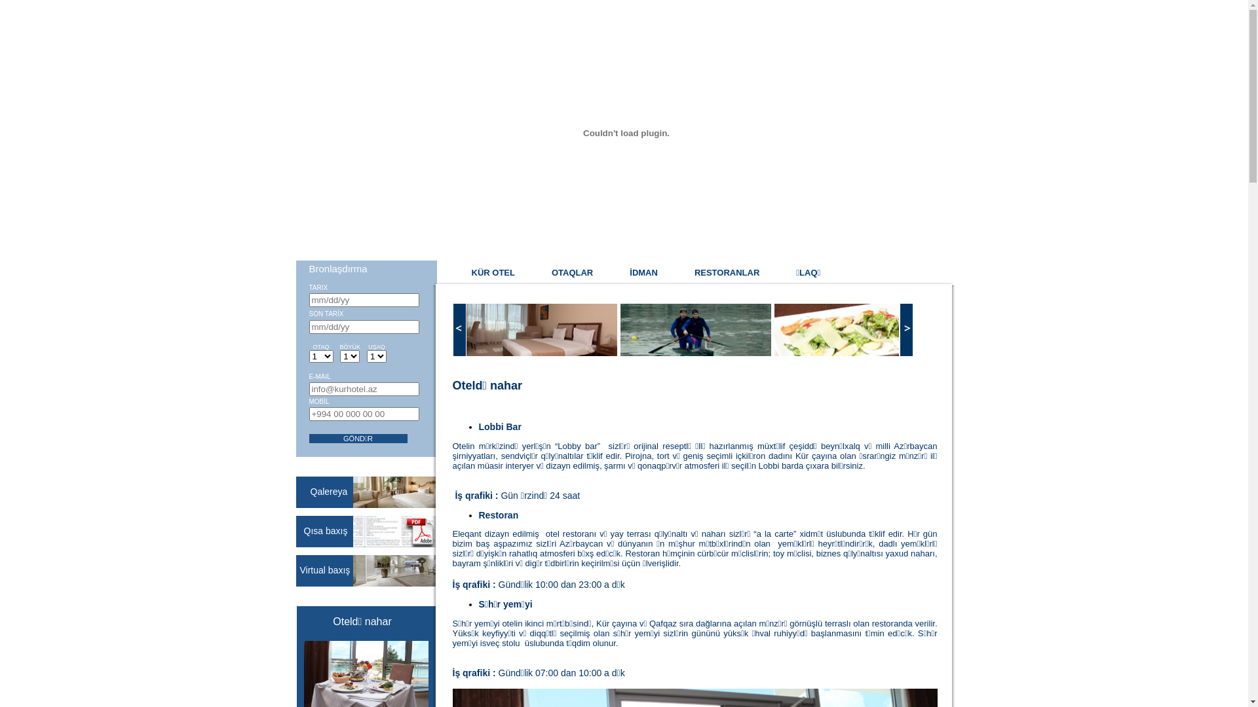 This screenshot has height=707, width=1258. Describe the element at coordinates (726, 272) in the screenshot. I see `'RESTORANLAR'` at that location.